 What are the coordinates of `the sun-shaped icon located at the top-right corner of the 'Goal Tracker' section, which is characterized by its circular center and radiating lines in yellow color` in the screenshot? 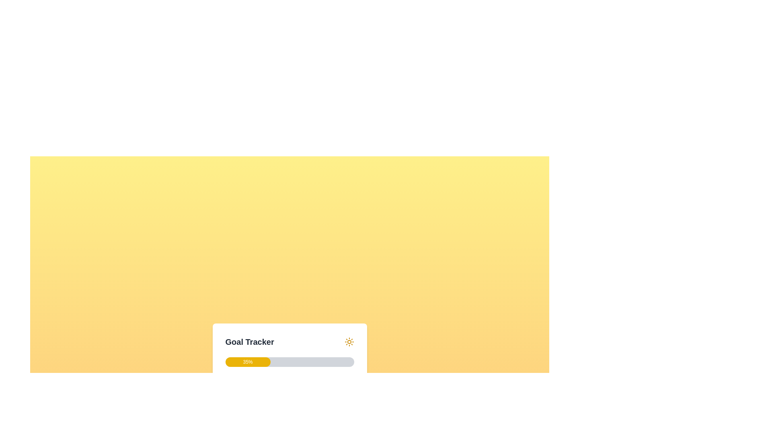 It's located at (349, 342).